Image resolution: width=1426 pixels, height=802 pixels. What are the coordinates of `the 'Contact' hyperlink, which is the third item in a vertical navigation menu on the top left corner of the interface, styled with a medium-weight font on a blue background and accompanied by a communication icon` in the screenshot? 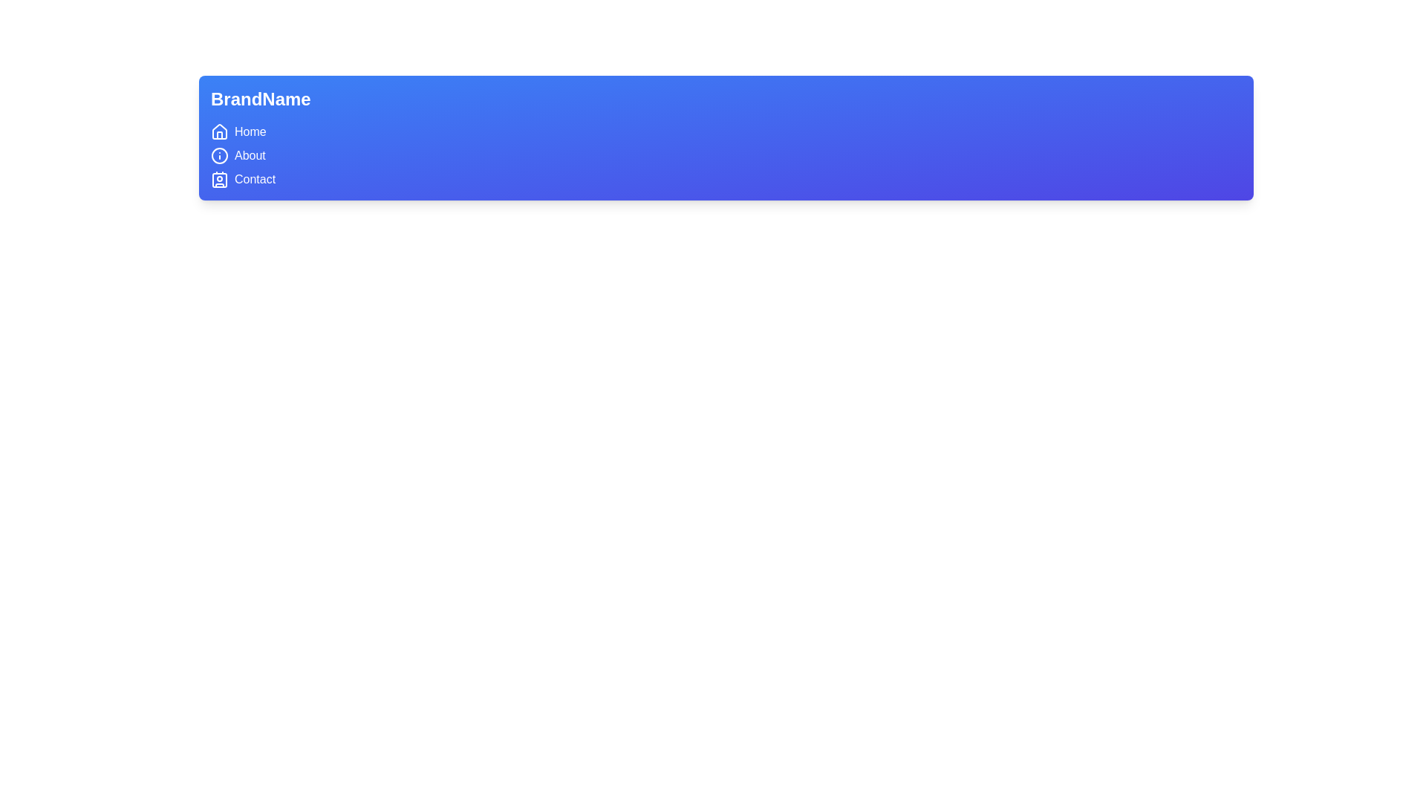 It's located at (255, 179).